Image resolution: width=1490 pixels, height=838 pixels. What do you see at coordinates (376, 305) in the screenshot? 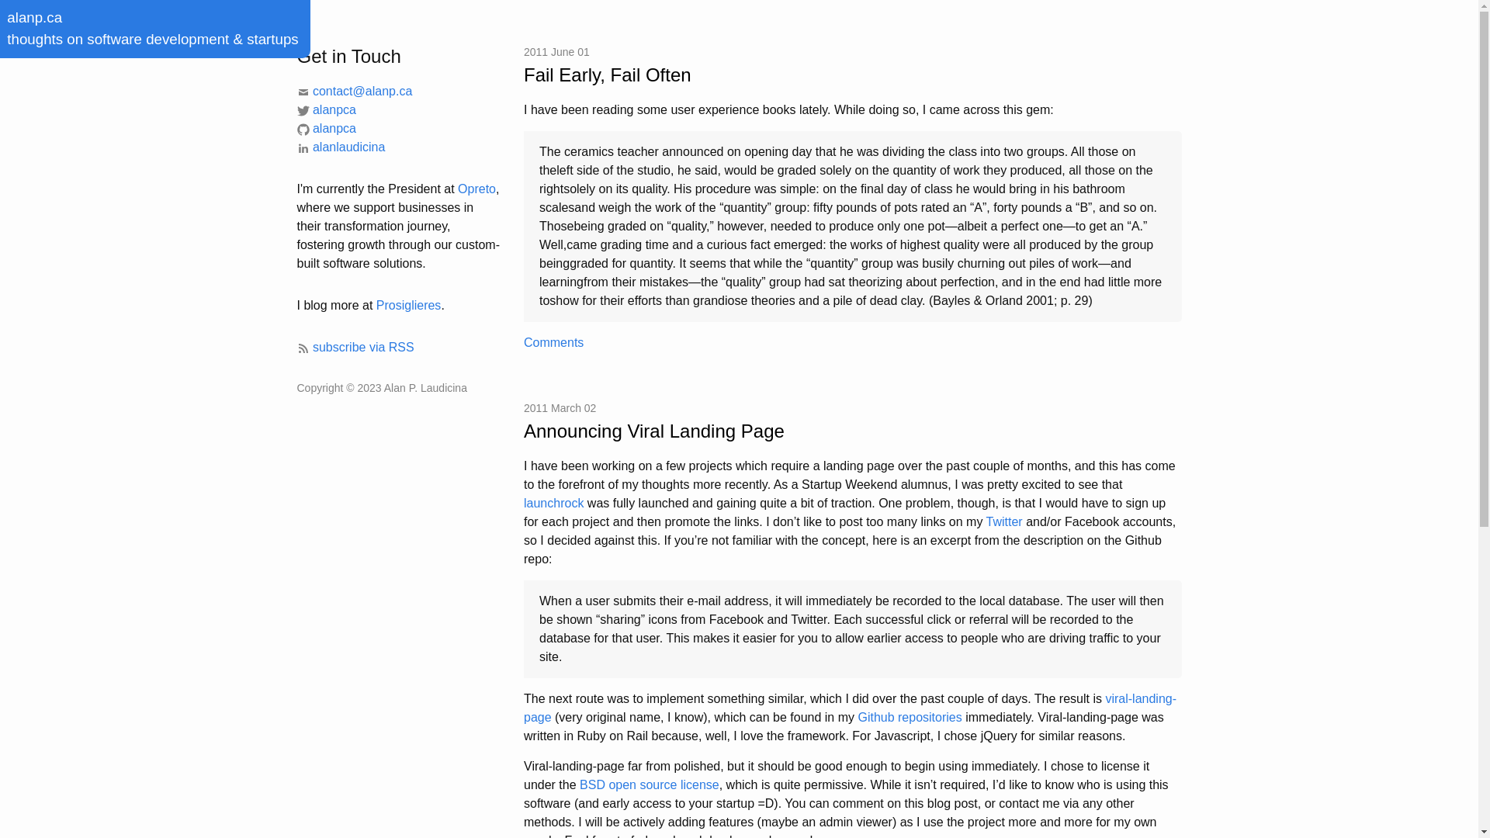
I see `'Prosiglieres'` at bounding box center [376, 305].